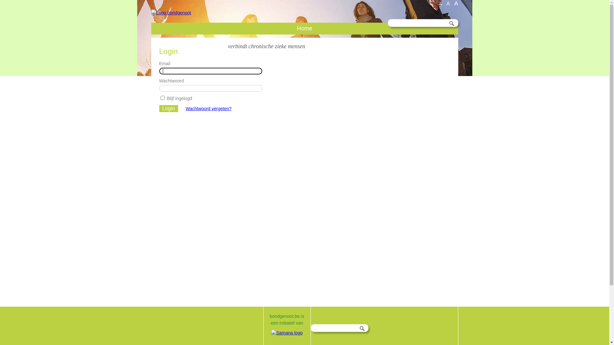  I want to click on 'chronische zieke mensen', so click(277, 46).